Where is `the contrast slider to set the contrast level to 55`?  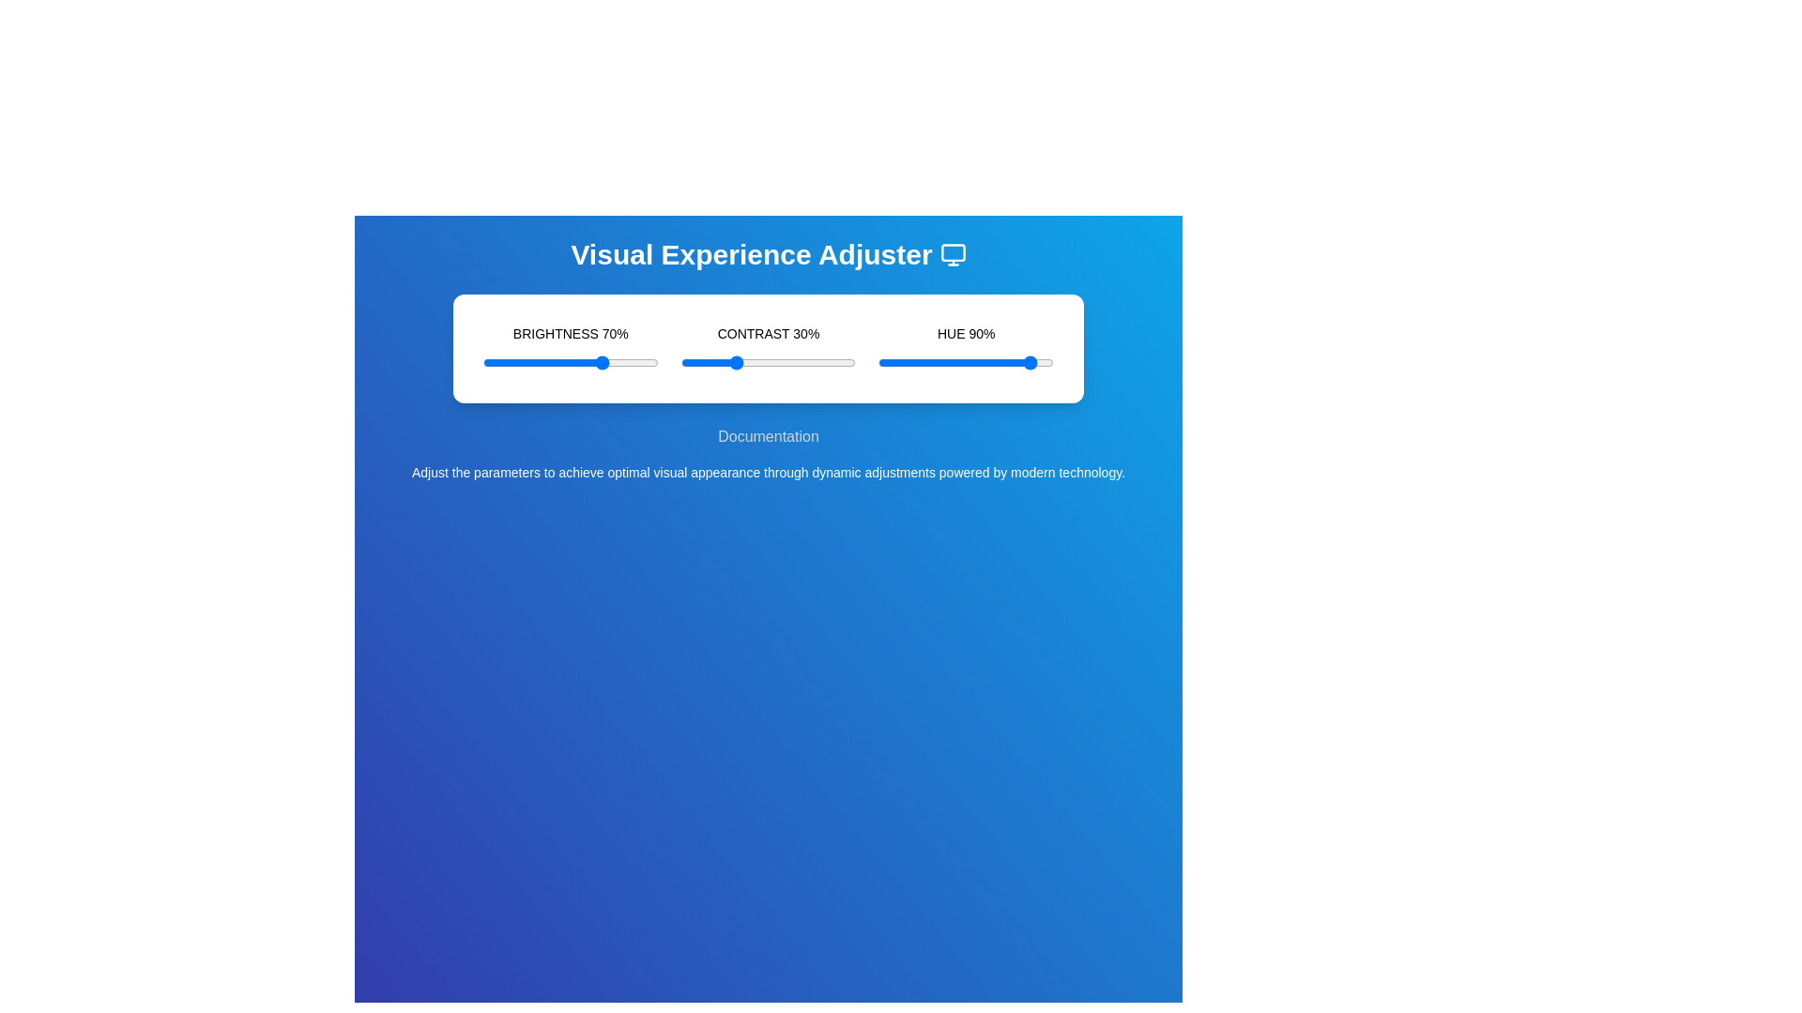
the contrast slider to set the contrast level to 55 is located at coordinates (777, 362).